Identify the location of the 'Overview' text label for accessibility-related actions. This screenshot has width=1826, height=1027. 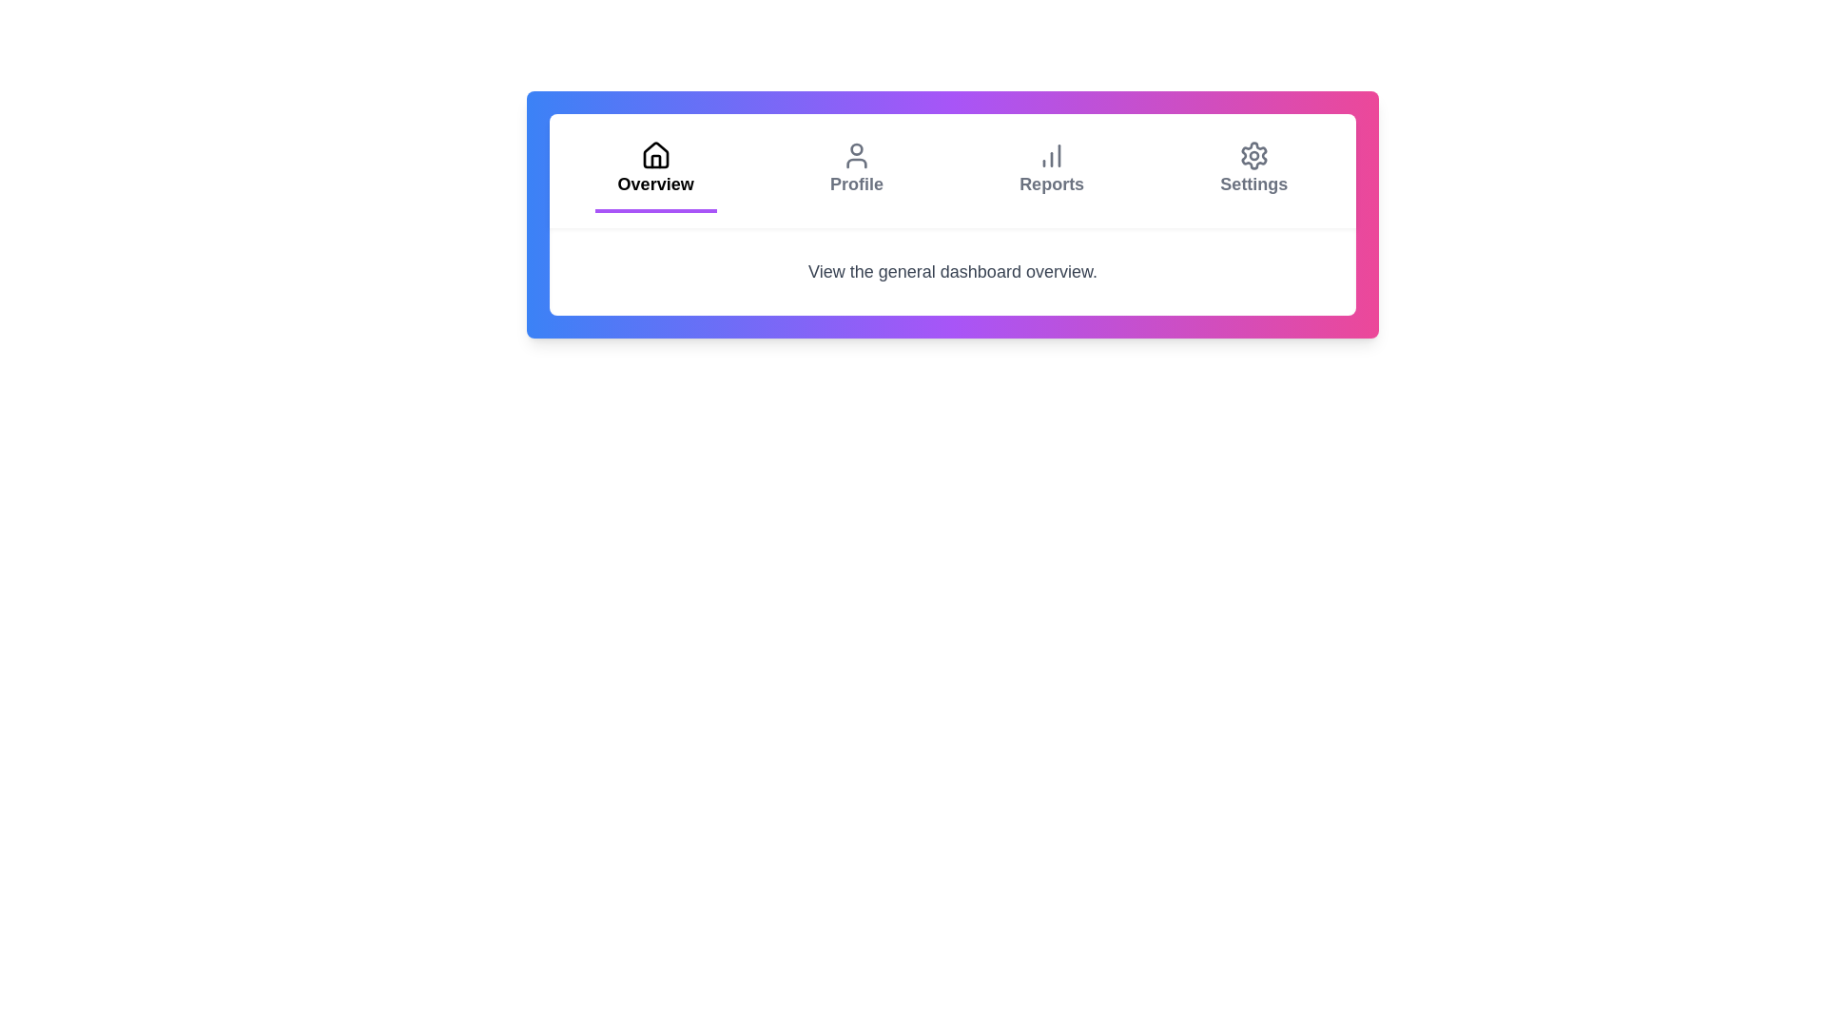
(655, 184).